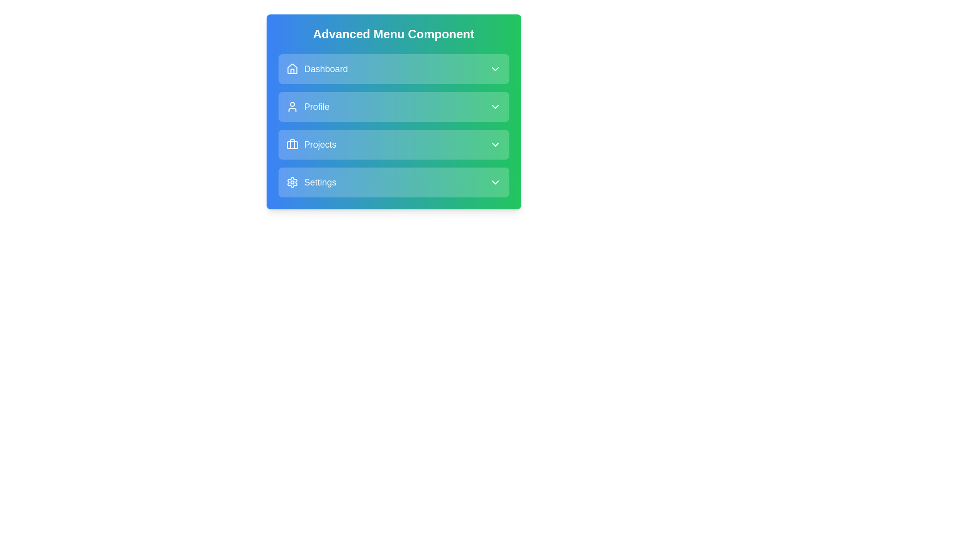 The width and height of the screenshot is (955, 537). I want to click on the house-shaped icon located to the left of the 'Dashboard' text in the menu, so click(291, 68).